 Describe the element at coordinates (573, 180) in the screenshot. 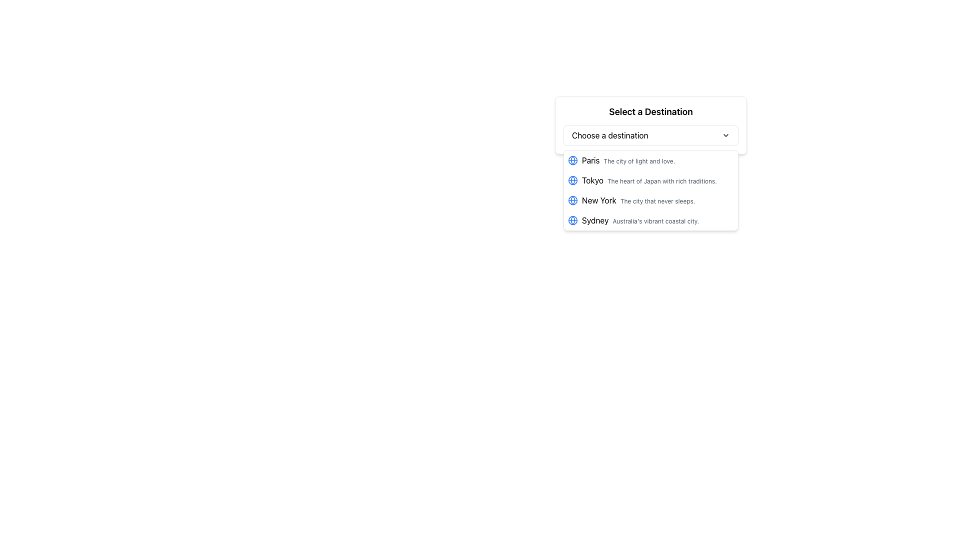

I see `geographical icon related to 'Tokyo', positioned to the left of the text 'Tokyo The heart of Japan with rich traditions'` at that location.